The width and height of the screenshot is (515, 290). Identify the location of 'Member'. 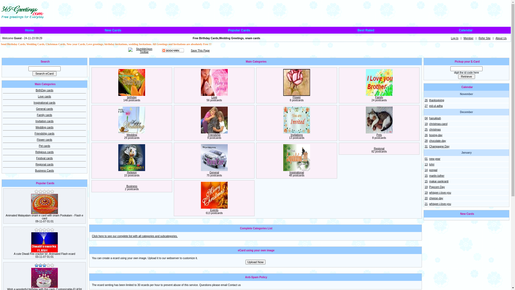
(468, 38).